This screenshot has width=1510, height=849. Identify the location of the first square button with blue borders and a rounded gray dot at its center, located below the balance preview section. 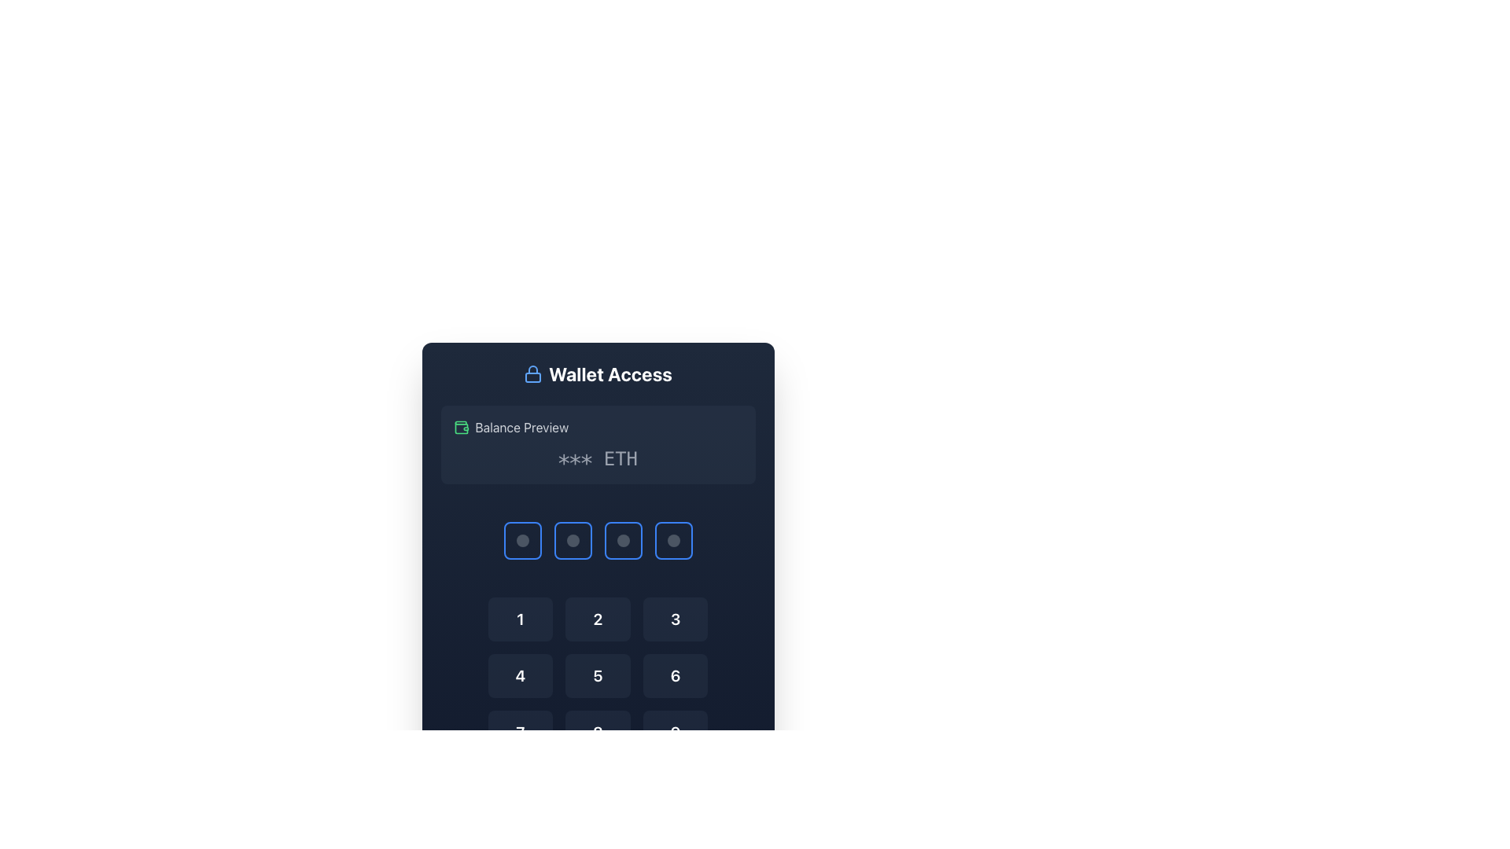
(522, 539).